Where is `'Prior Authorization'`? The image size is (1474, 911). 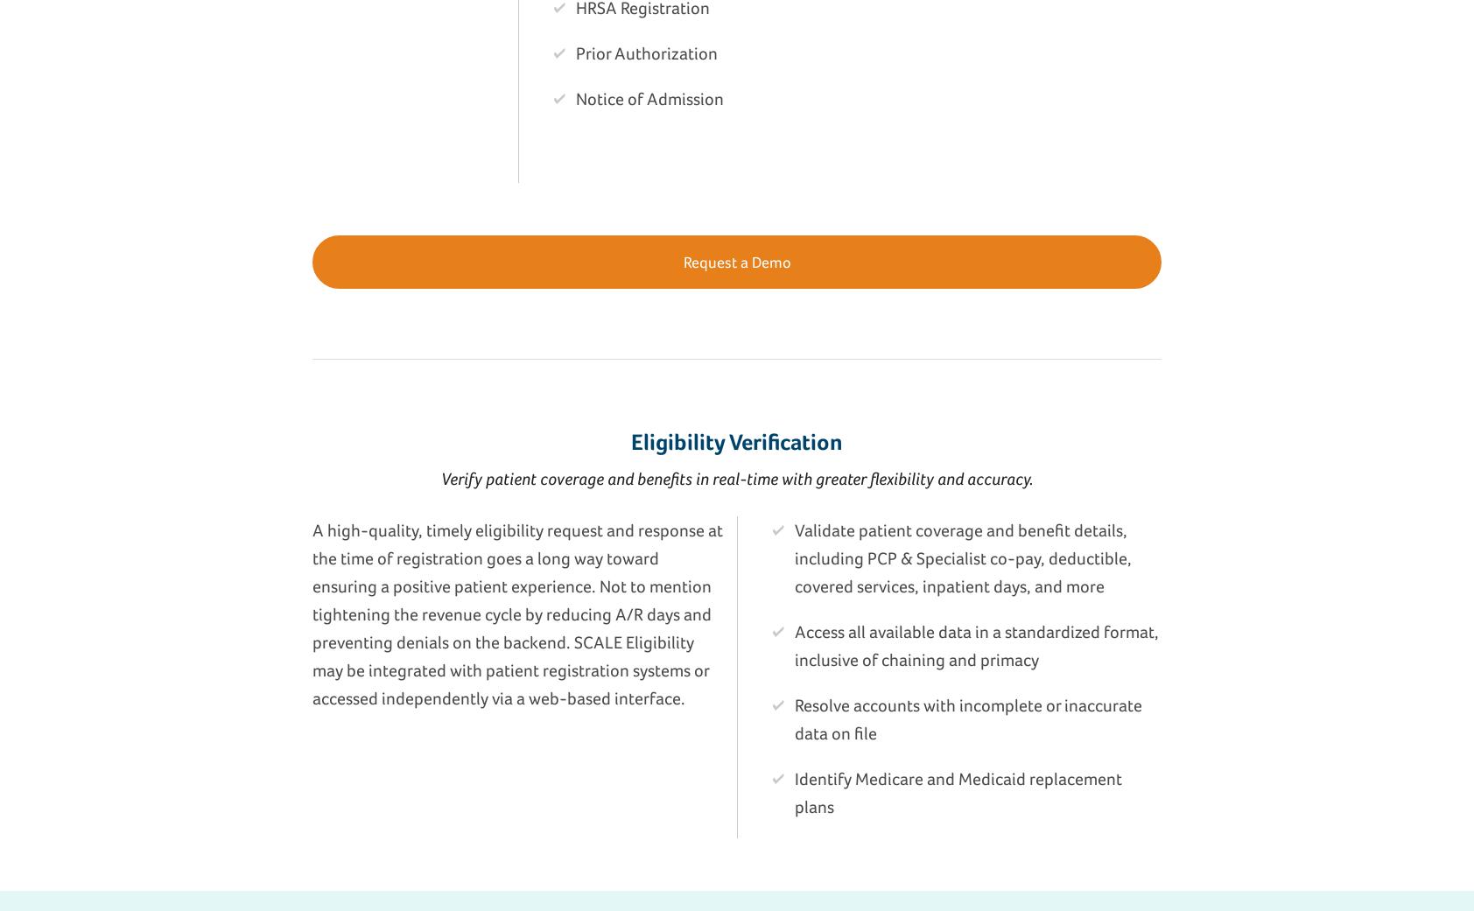 'Prior Authorization' is located at coordinates (646, 51).